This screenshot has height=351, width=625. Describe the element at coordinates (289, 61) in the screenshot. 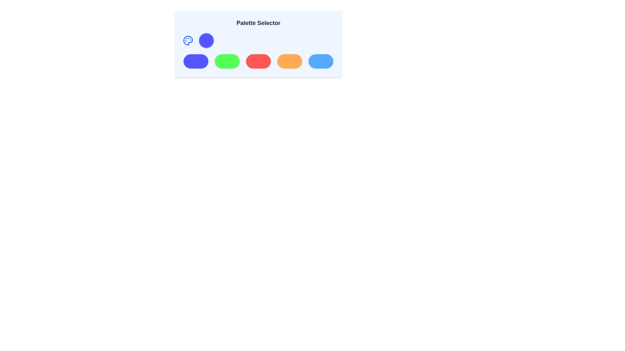

I see `the orange rounded rectangular button located to the right of the red button and to the left of the blue button` at that location.